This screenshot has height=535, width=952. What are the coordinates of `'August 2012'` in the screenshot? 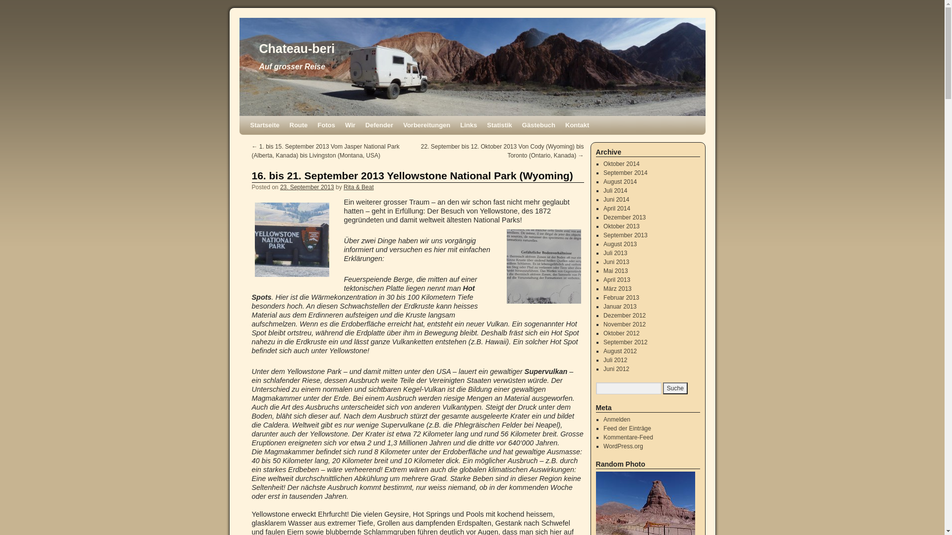 It's located at (619, 351).